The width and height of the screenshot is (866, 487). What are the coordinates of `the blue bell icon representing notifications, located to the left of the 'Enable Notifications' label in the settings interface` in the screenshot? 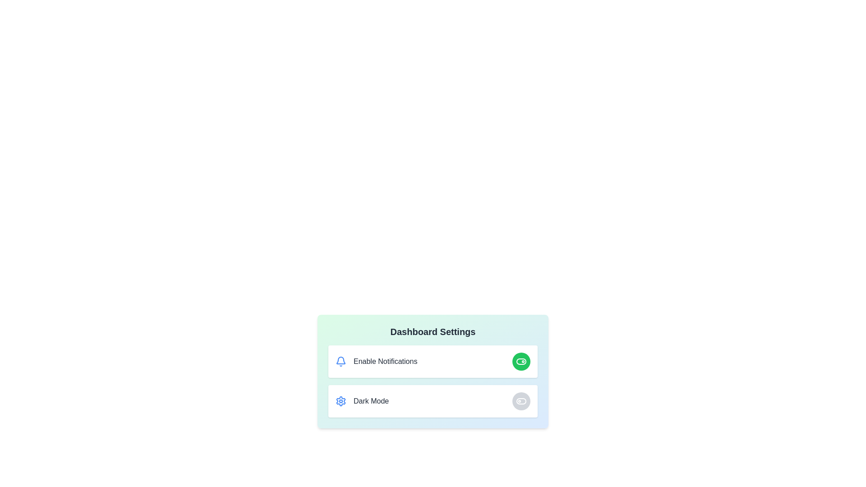 It's located at (340, 361).